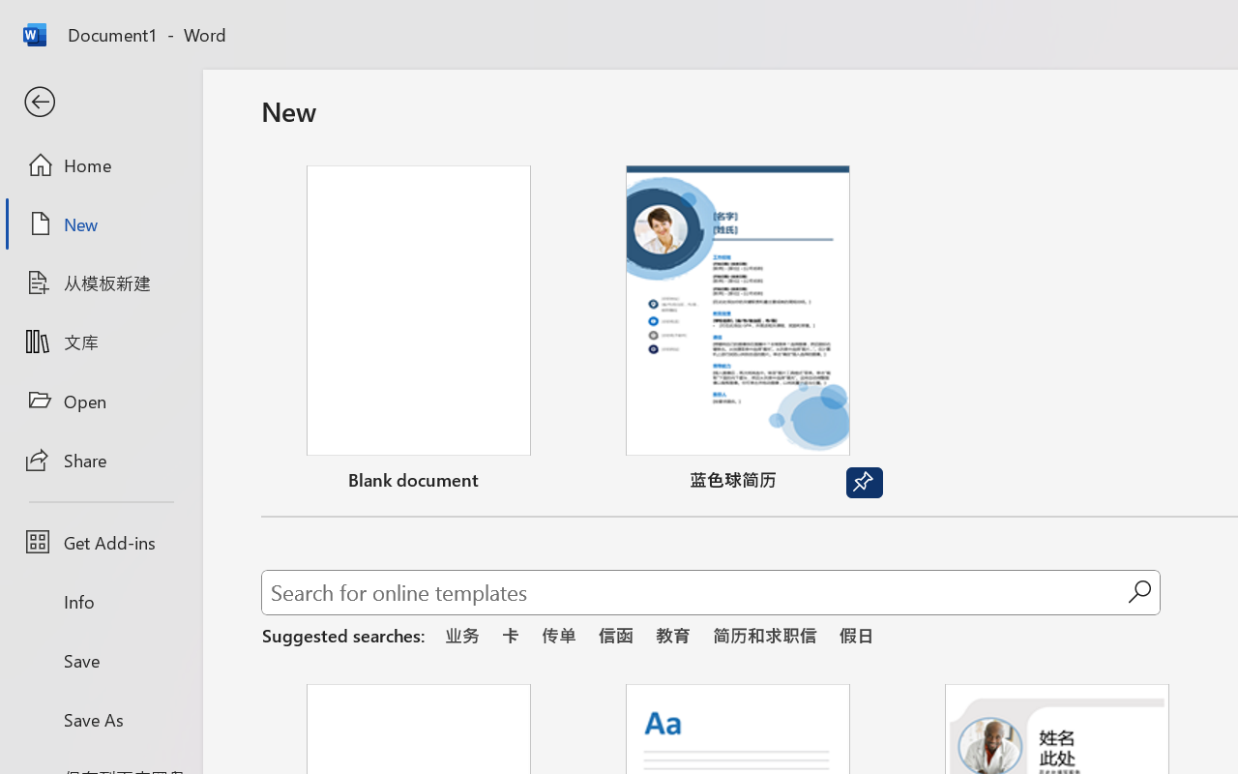 This screenshot has height=774, width=1238. I want to click on 'Start searching', so click(1139, 592).